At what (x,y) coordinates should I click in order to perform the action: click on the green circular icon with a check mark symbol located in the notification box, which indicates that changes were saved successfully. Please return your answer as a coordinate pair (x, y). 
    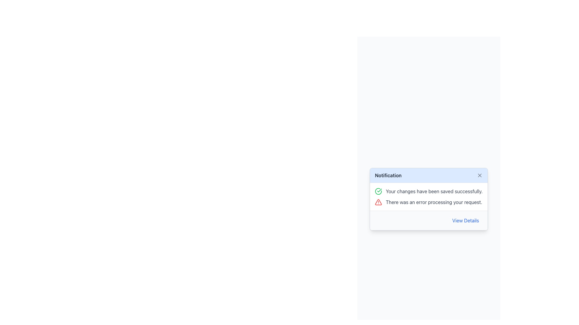
    Looking at the image, I should click on (378, 191).